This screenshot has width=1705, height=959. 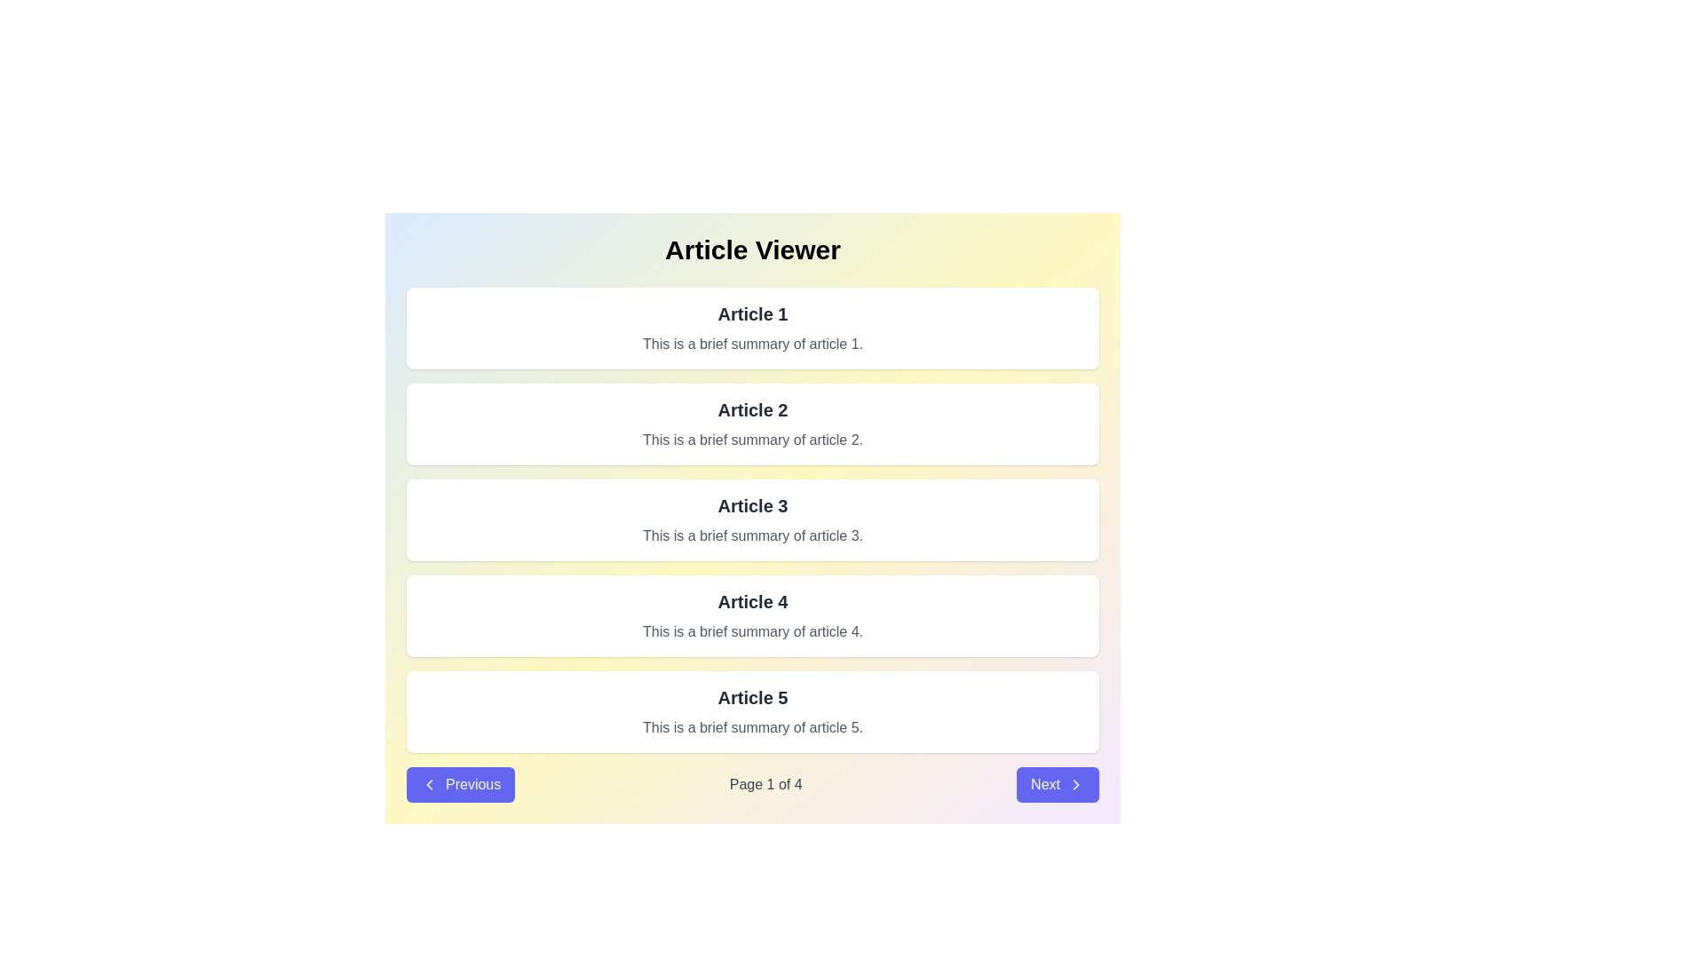 I want to click on the 'Next' button located at the bottom-right corner of the interface, adjacent to the text 'Page 1 of 4', so click(x=1058, y=783).